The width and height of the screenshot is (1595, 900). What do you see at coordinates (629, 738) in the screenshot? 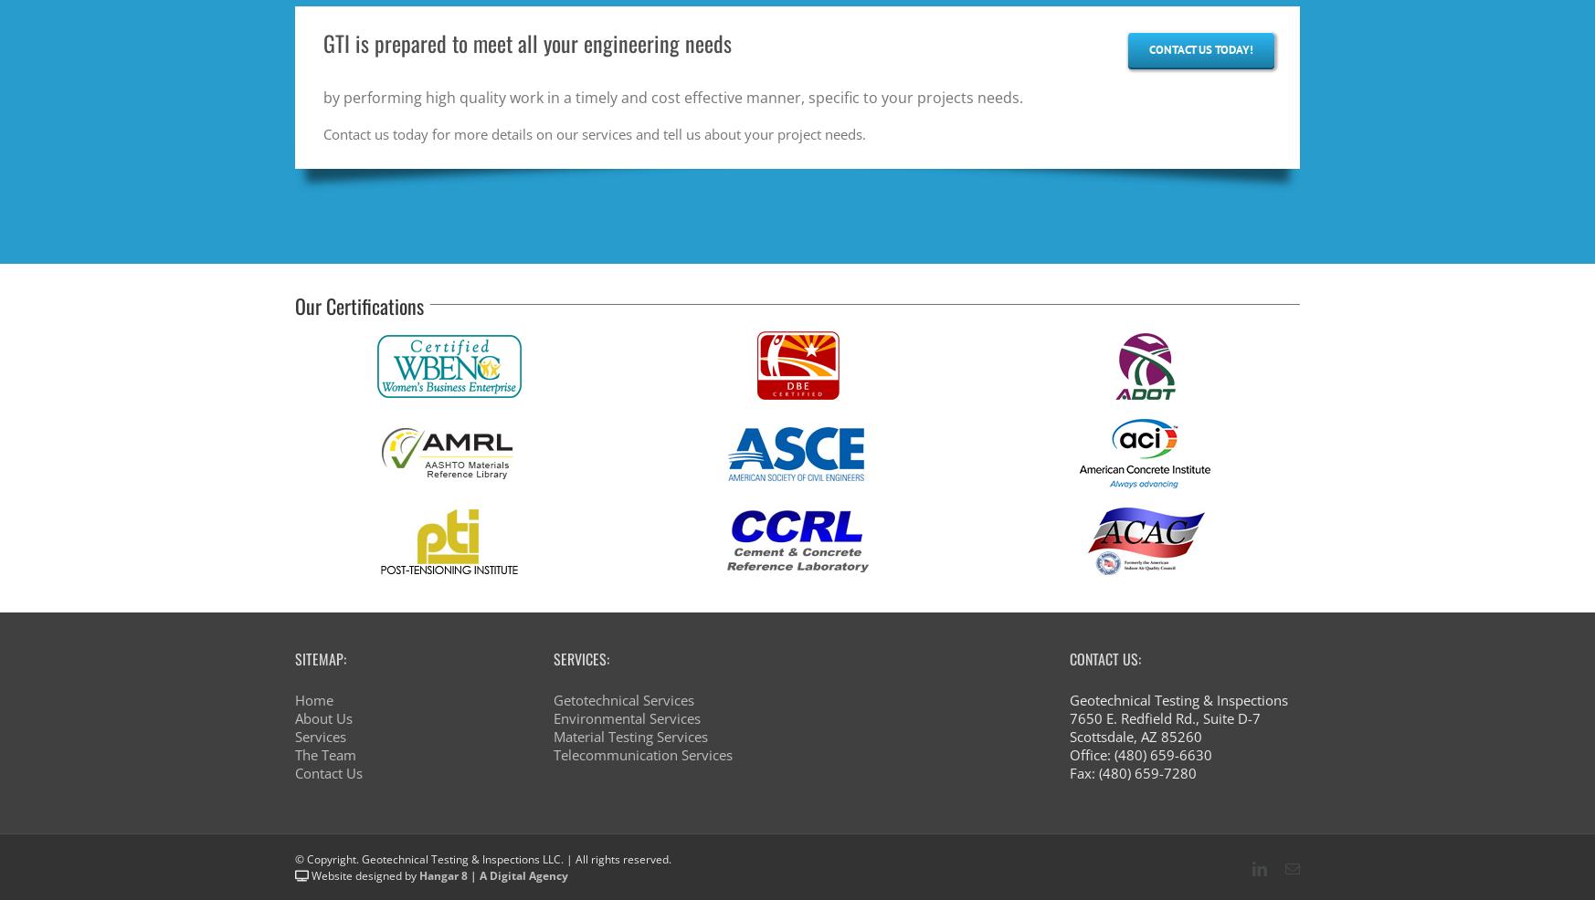
I see `'Material Testing Services'` at bounding box center [629, 738].